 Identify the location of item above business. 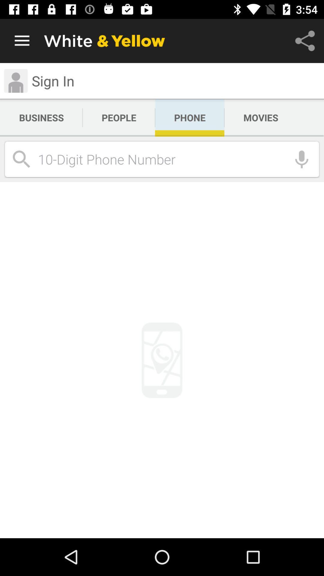
(15, 80).